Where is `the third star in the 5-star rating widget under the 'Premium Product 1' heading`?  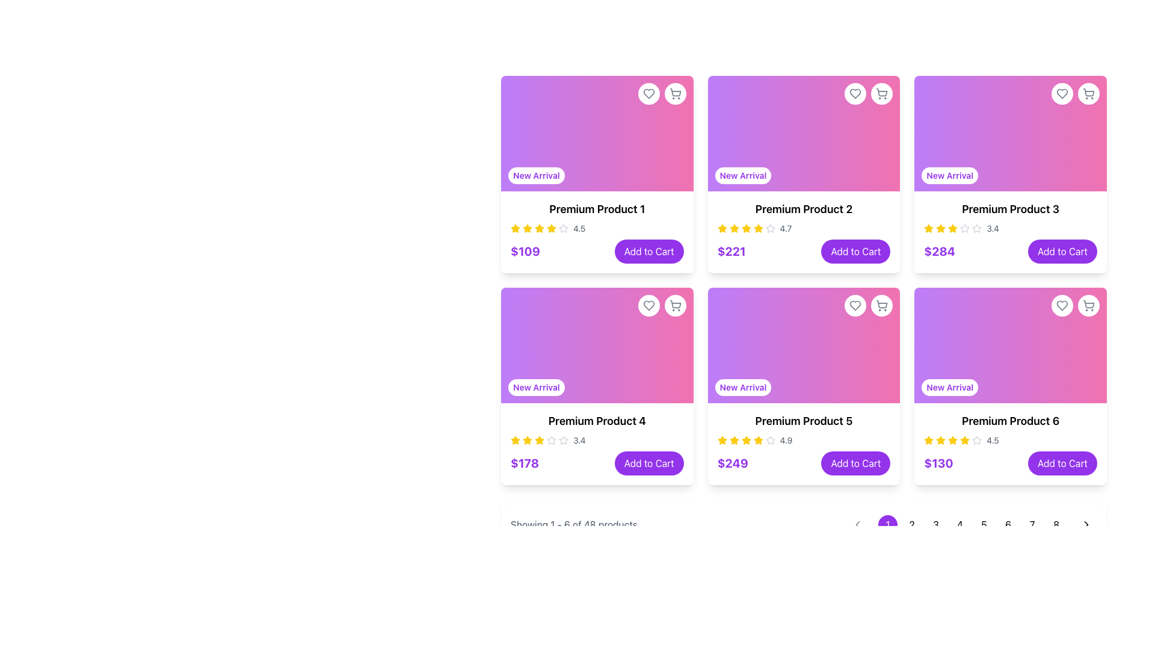 the third star in the 5-star rating widget under the 'Premium Product 1' heading is located at coordinates (516, 228).